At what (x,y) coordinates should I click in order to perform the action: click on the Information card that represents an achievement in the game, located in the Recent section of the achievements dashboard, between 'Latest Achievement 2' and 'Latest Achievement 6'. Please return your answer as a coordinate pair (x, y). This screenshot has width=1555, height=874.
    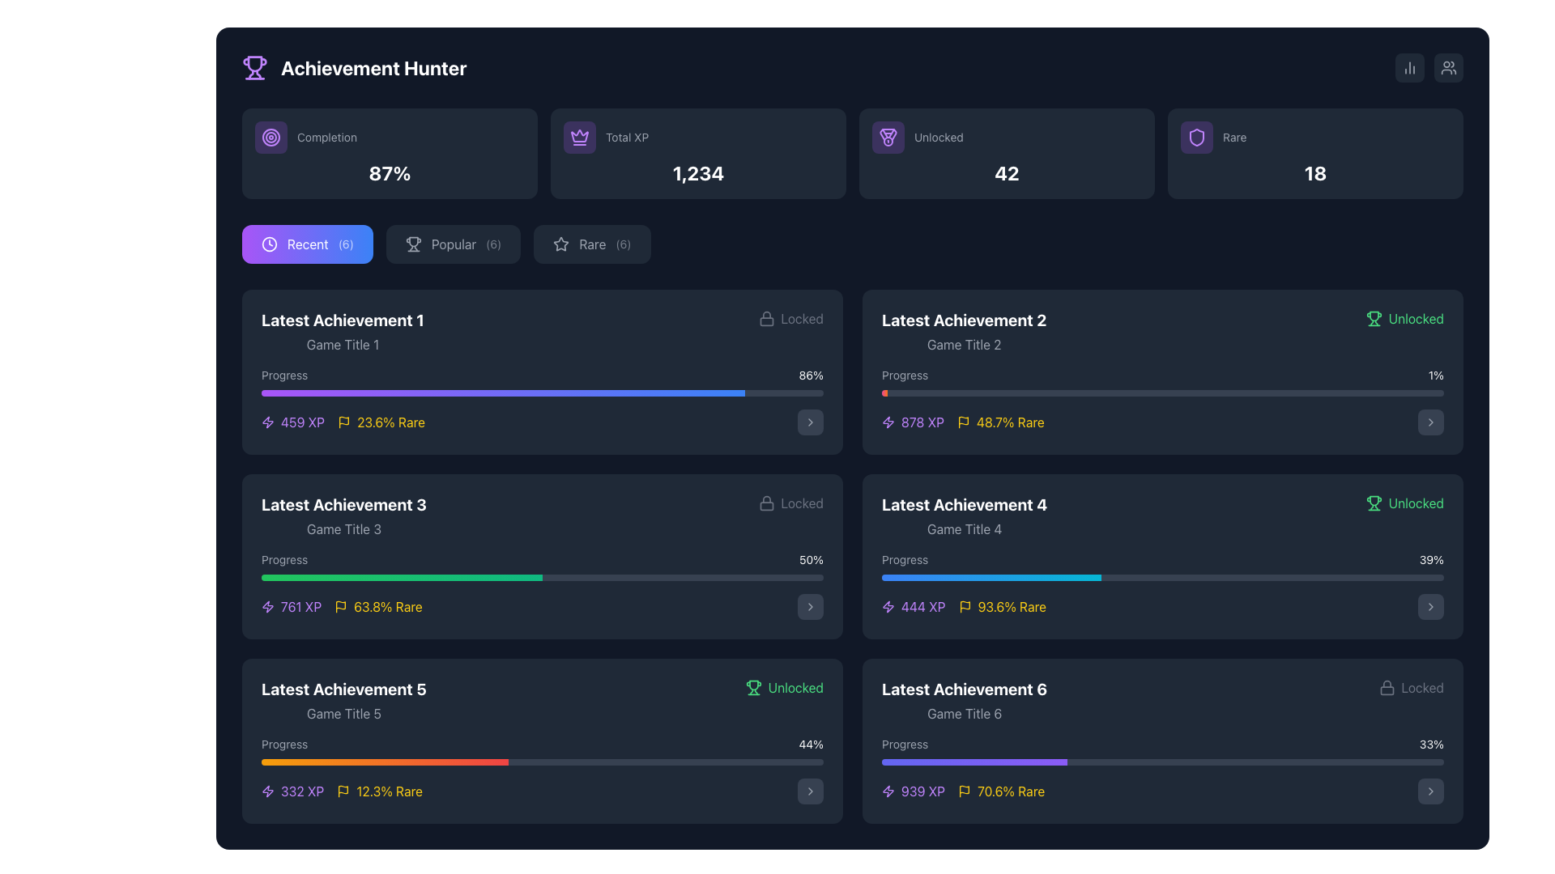
    Looking at the image, I should click on (1161, 515).